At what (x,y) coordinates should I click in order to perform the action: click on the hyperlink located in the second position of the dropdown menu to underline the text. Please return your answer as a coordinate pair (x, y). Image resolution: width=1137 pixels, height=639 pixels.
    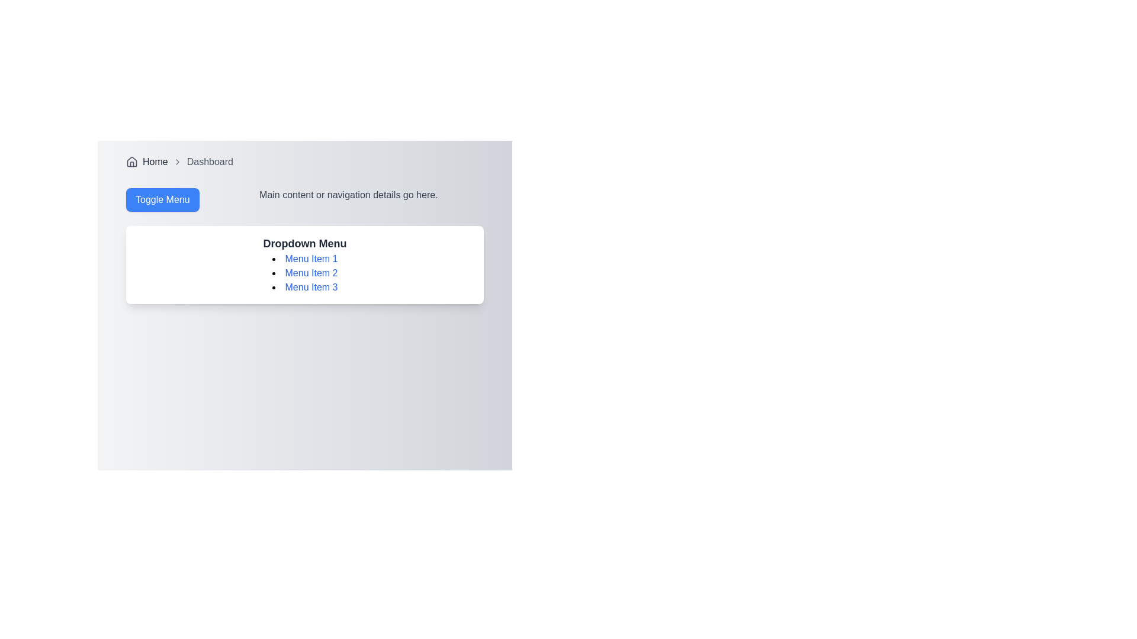
    Looking at the image, I should click on (311, 273).